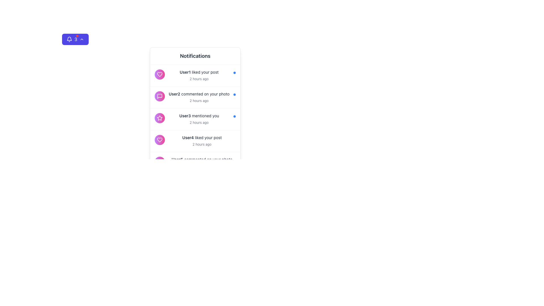  I want to click on timestamp '2 hours ago' displayed below the notification 'User4 liked your post' in the notification panel, so click(202, 144).